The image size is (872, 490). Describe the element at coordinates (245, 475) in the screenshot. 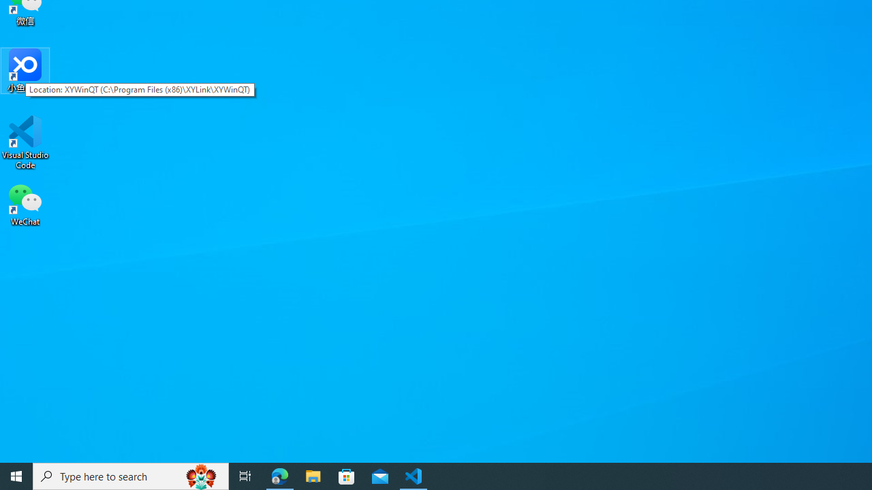

I see `'Task View'` at that location.